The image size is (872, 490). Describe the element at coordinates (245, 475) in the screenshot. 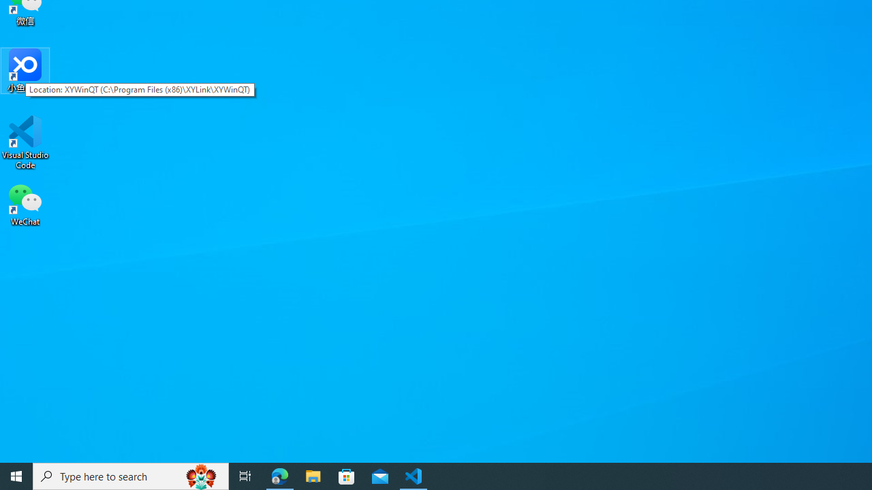

I see `'Task View'` at that location.